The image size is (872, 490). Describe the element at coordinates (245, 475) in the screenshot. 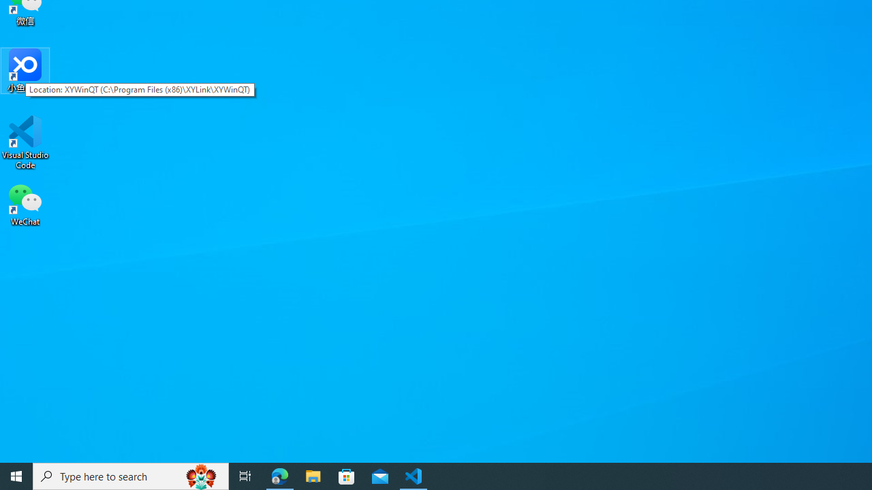

I see `'Task View'` at that location.